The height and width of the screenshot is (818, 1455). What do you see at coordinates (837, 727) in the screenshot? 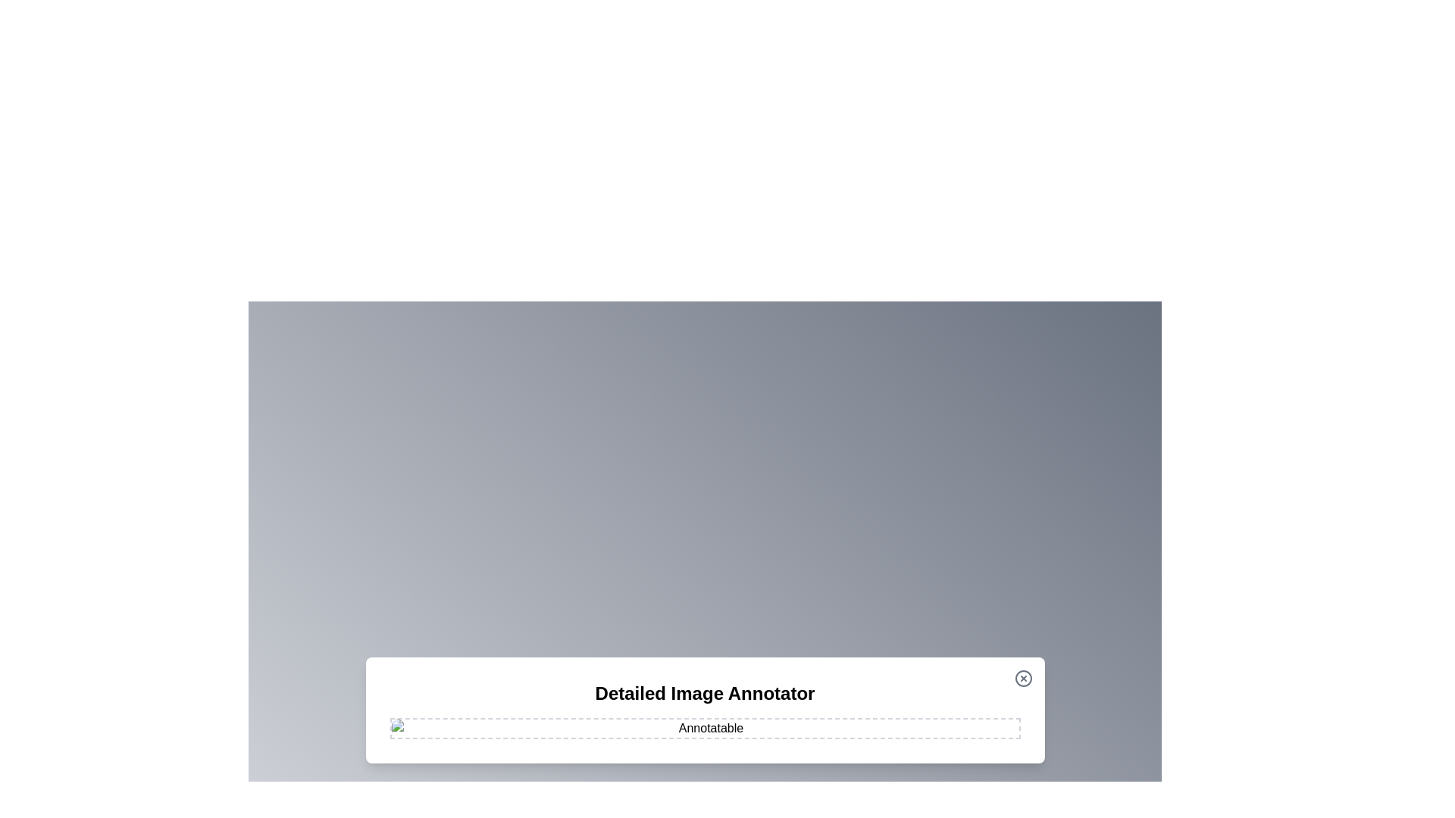
I see `the image at coordinates (1106, 962) to add an annotation` at bounding box center [837, 727].